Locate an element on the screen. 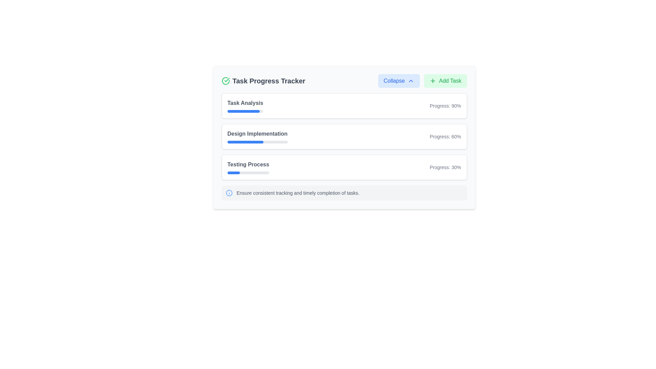 The image size is (656, 369). the 'Design Implementation' label, which is styled with a bold font and gray color, located above a blue progress bar in the 'Task Progress Tracker' section is located at coordinates (257, 137).